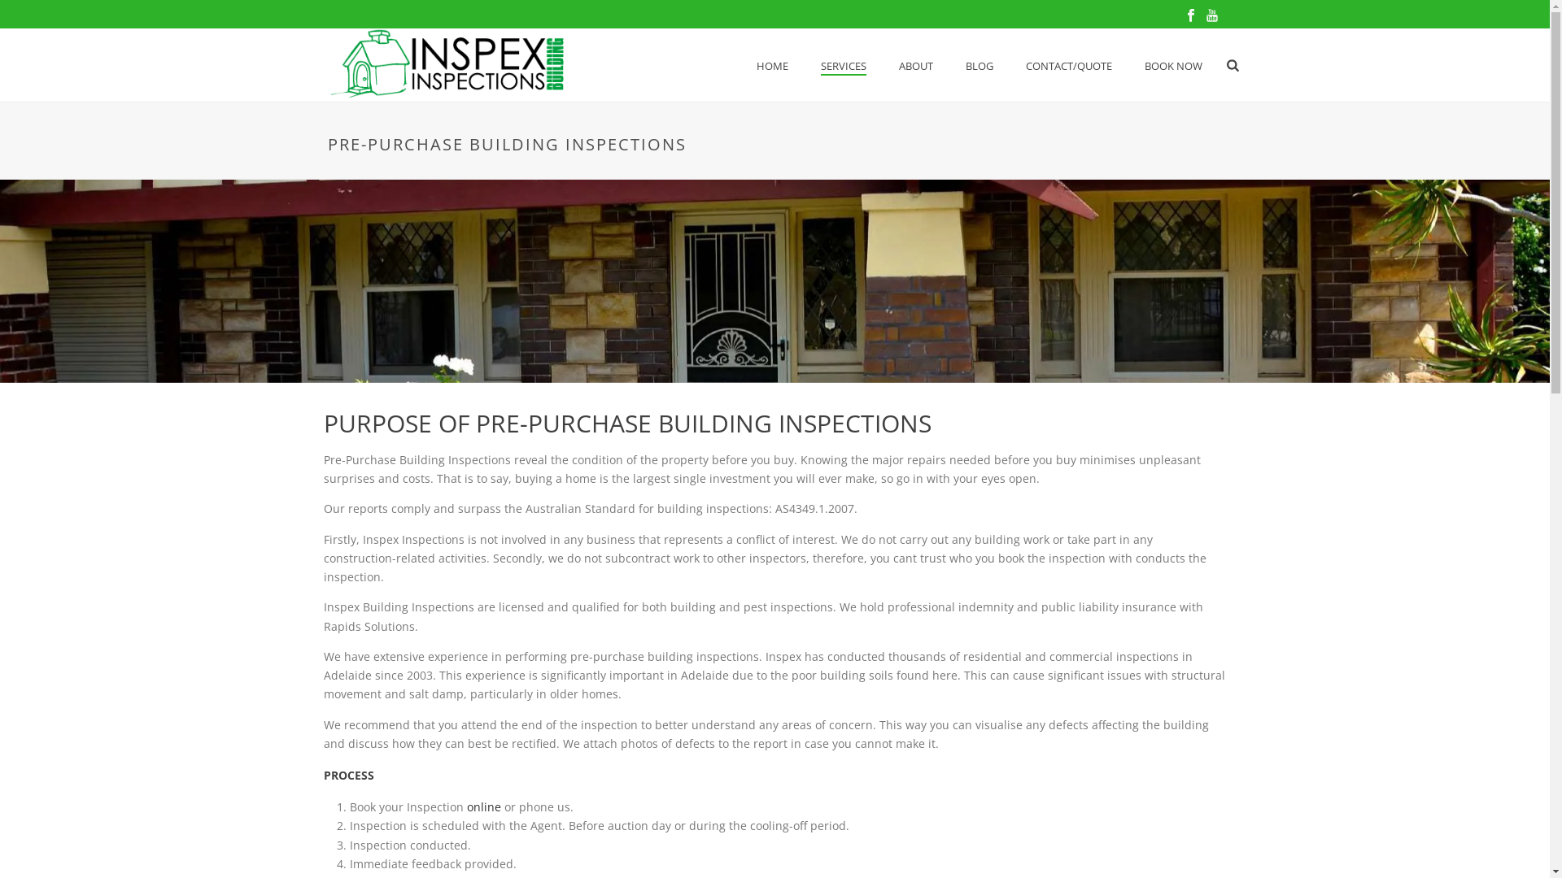 This screenshot has width=1562, height=878. I want to click on 'BLOG', so click(979, 65).